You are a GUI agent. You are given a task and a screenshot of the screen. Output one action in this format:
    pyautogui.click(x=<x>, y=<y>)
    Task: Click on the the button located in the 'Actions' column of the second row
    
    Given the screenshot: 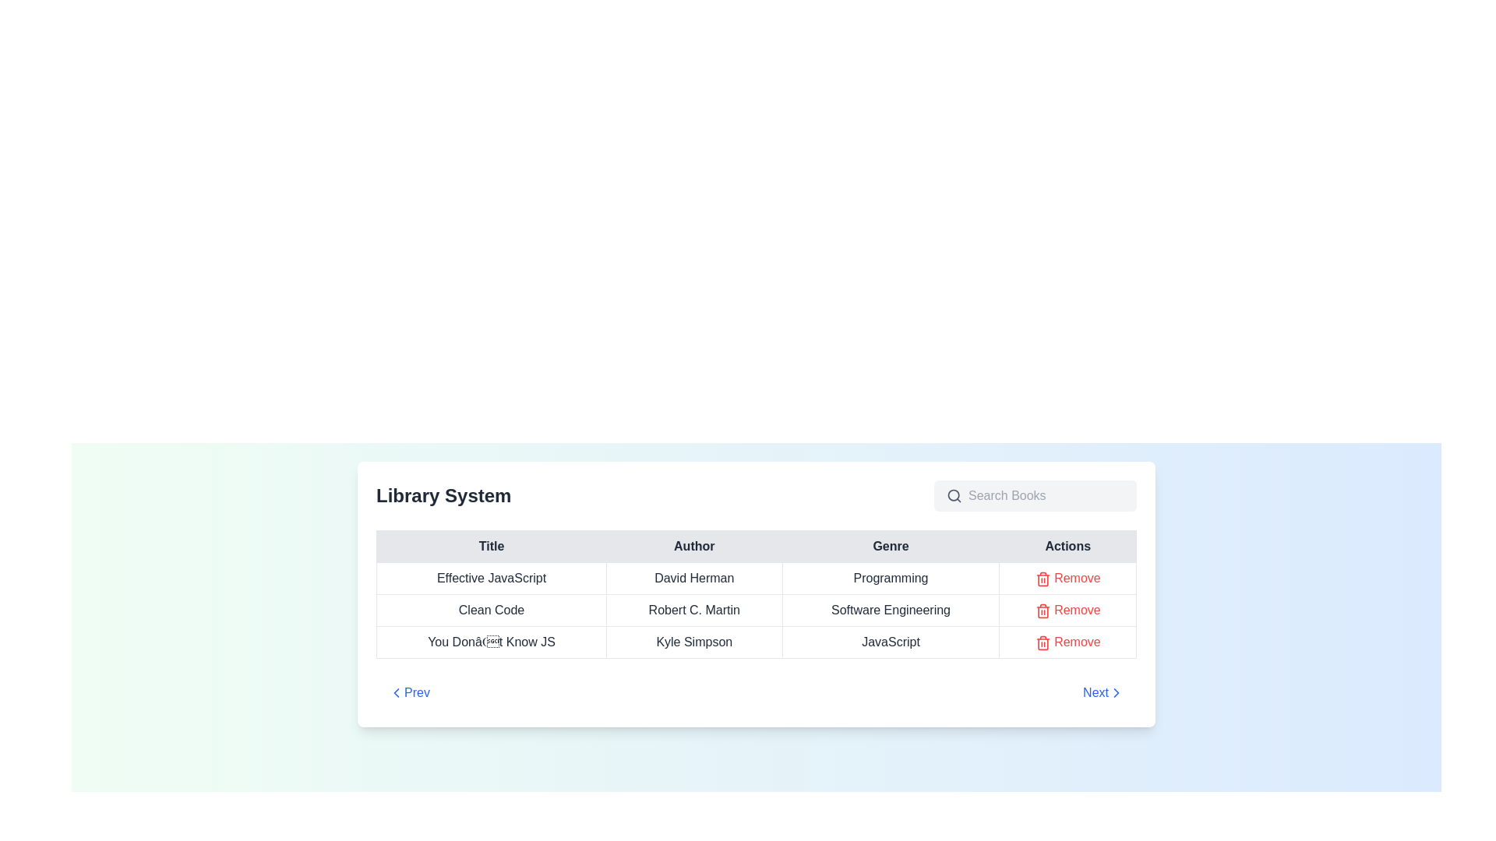 What is the action you would take?
    pyautogui.click(x=1067, y=609)
    